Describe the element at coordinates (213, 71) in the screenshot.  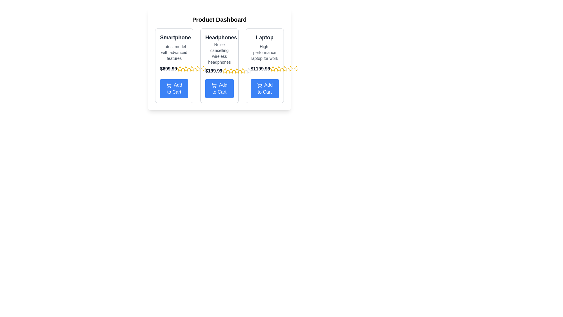
I see `the text label displaying '$199.99' located under the 'Headphones' column in the product listing page` at that location.